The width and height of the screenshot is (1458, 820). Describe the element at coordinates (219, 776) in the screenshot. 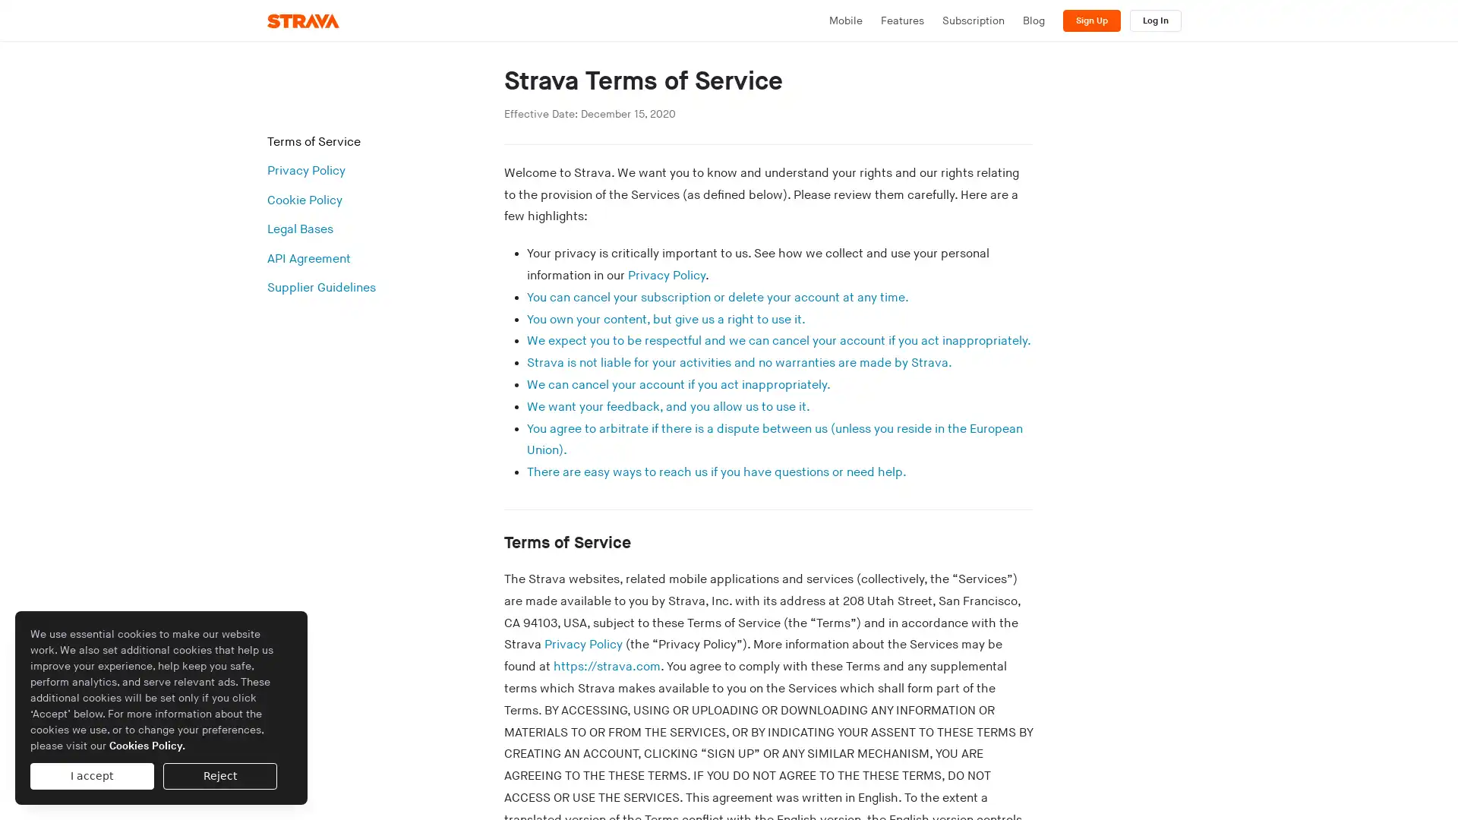

I see `Reject` at that location.